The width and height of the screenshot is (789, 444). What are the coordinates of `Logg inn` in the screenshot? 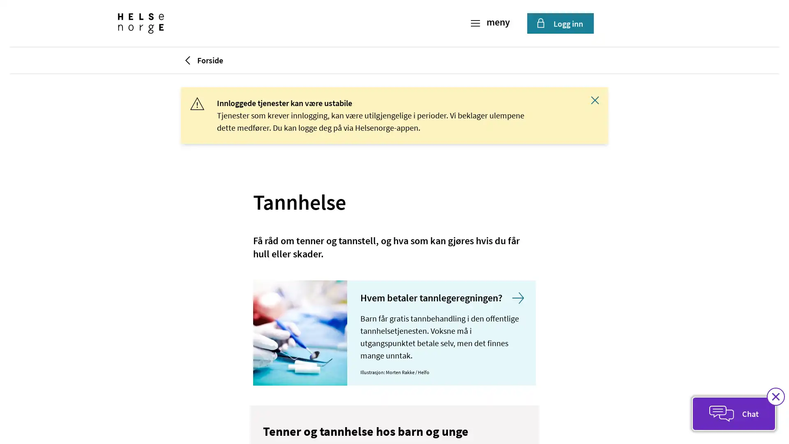 It's located at (560, 23).